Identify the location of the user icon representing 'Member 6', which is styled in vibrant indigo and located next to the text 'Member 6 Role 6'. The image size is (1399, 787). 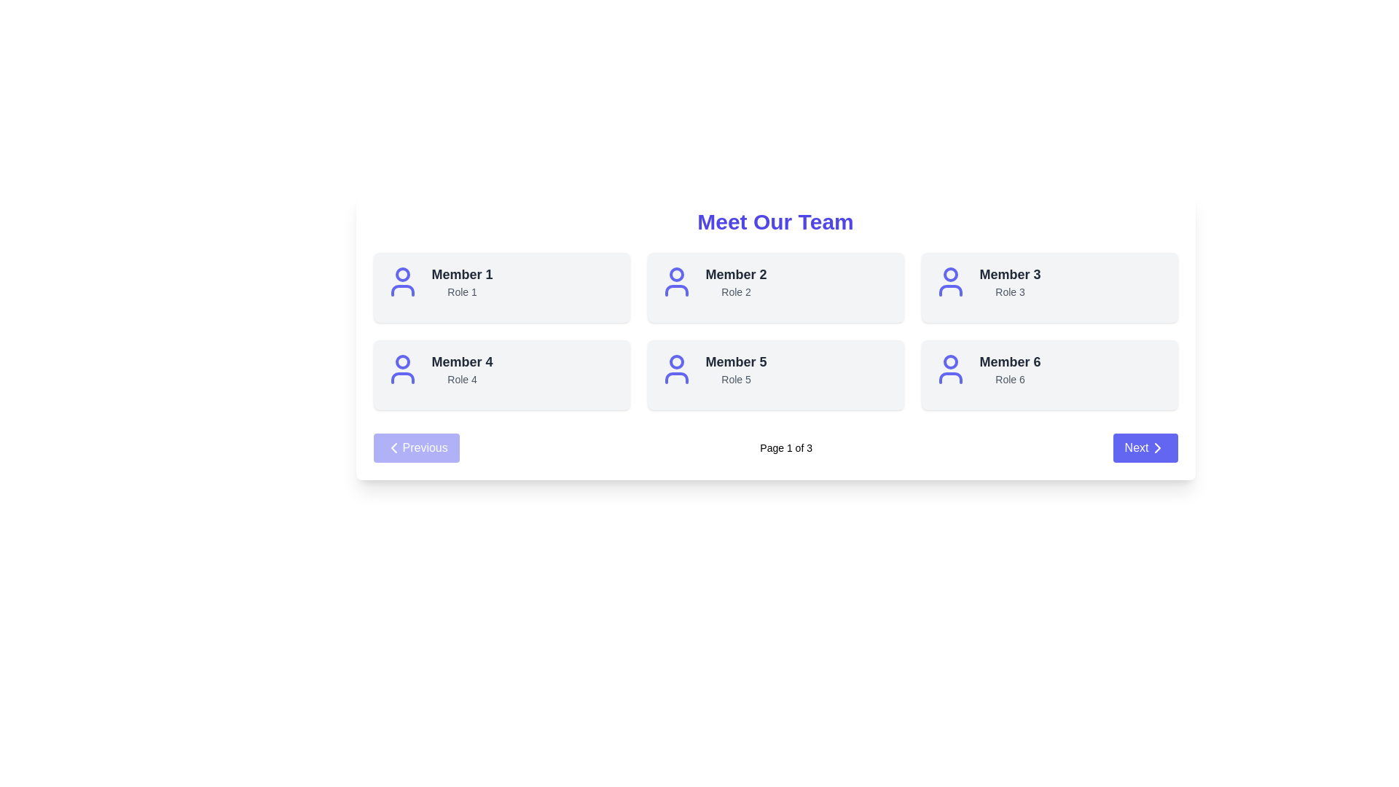
(950, 368).